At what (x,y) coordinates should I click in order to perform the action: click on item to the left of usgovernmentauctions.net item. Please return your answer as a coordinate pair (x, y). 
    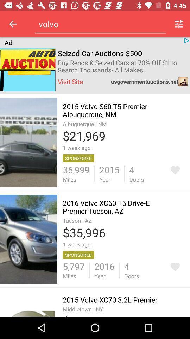
    Looking at the image, I should click on (70, 81).